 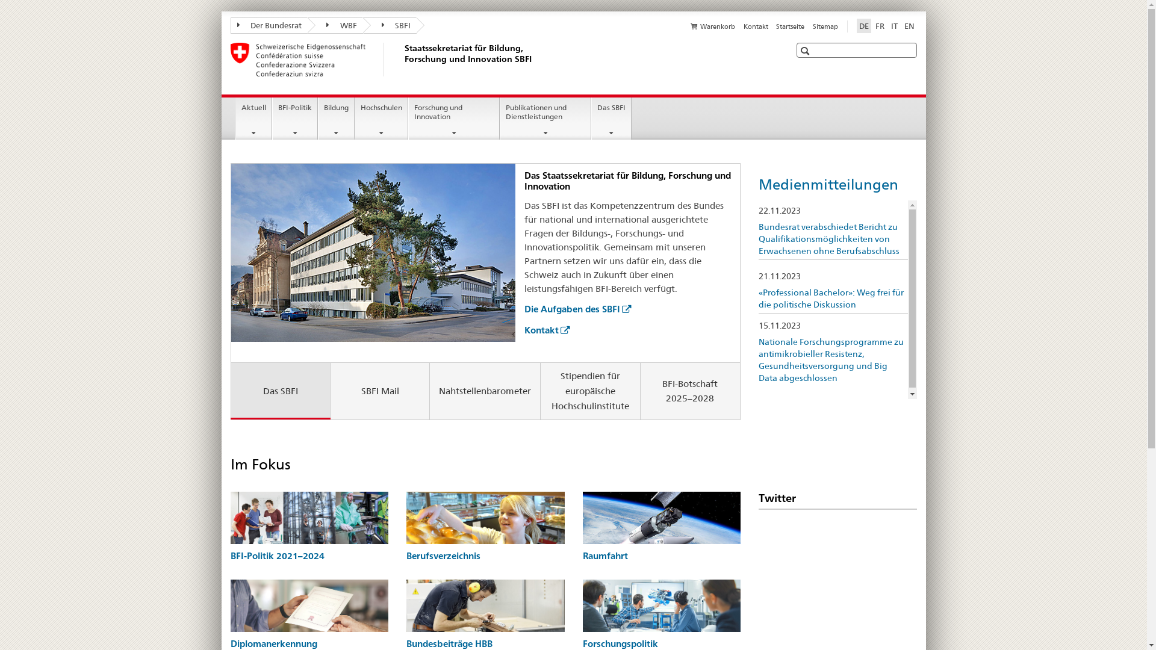 What do you see at coordinates (776, 26) in the screenshot?
I see `'Startseite'` at bounding box center [776, 26].